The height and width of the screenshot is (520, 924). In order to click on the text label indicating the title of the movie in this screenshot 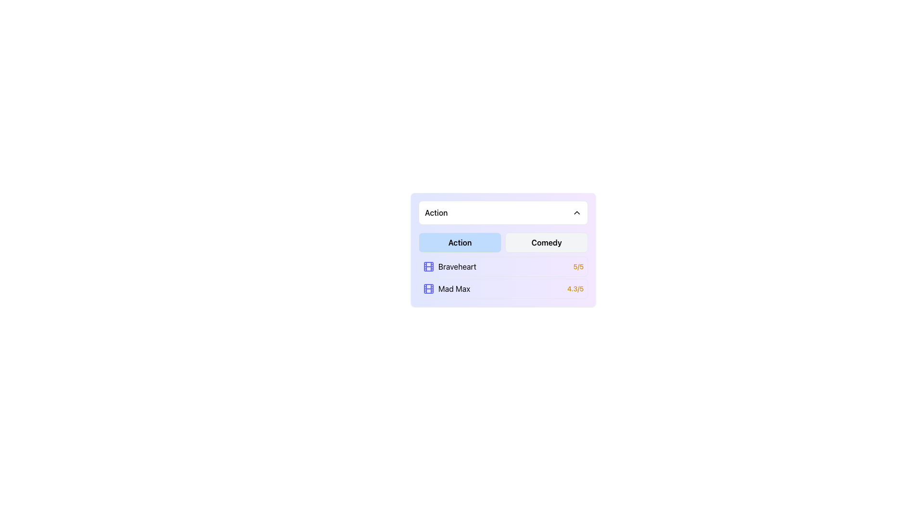, I will do `click(446, 288)`.